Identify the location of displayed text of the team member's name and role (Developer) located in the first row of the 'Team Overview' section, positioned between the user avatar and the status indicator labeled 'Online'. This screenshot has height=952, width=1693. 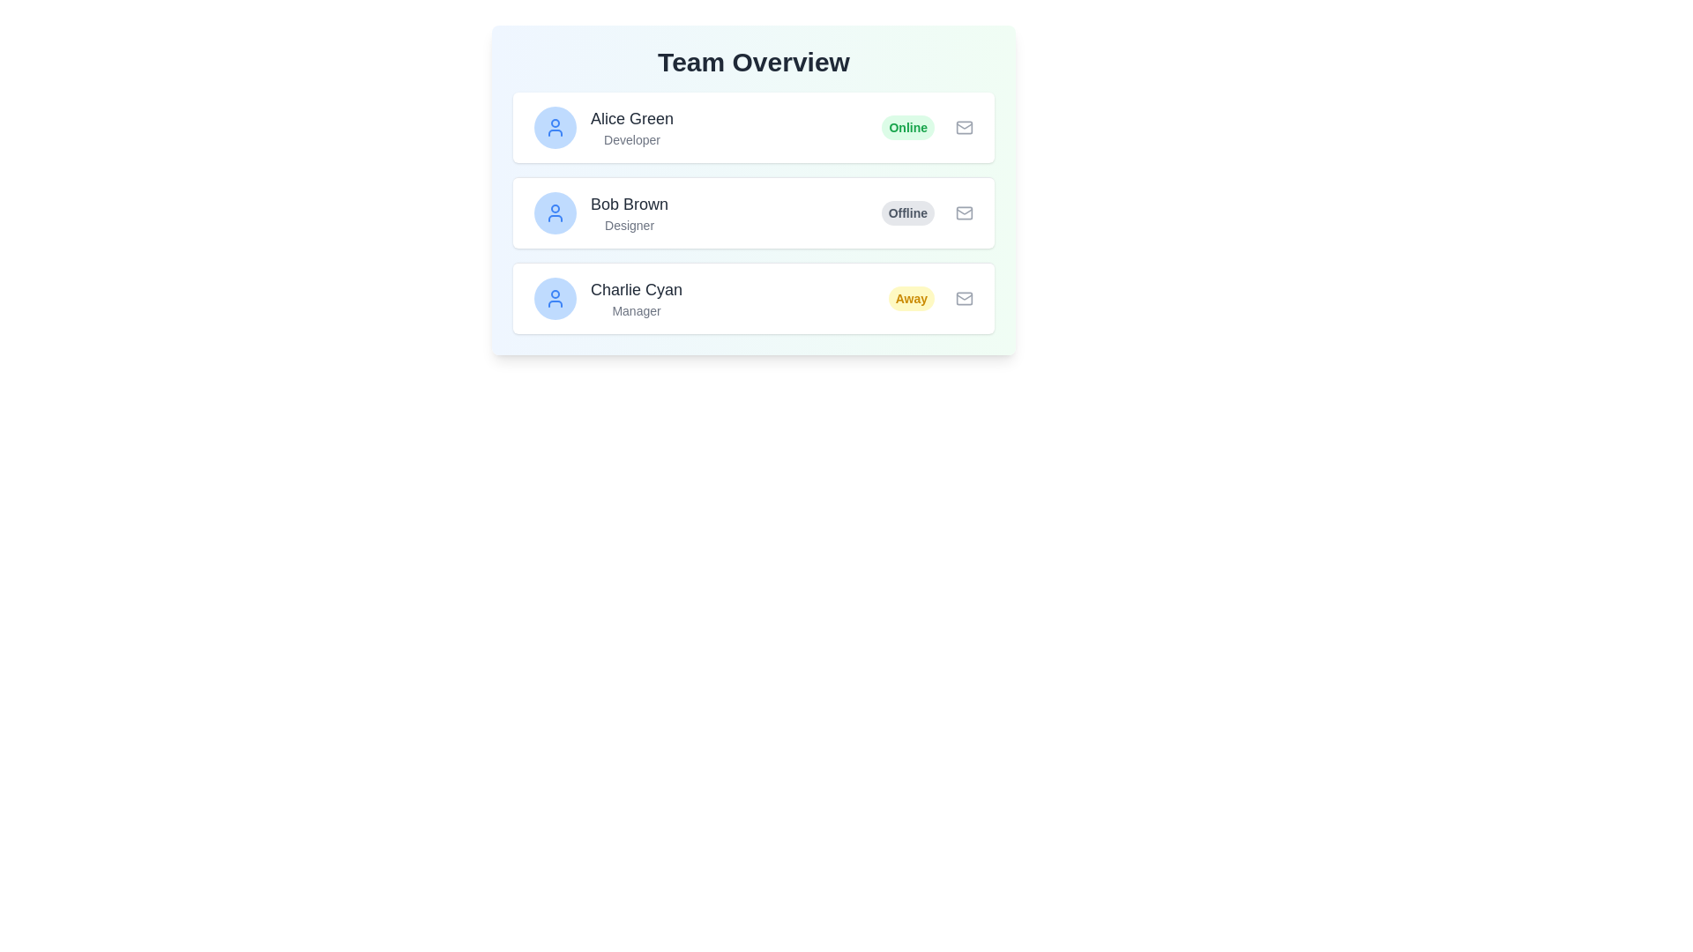
(631, 127).